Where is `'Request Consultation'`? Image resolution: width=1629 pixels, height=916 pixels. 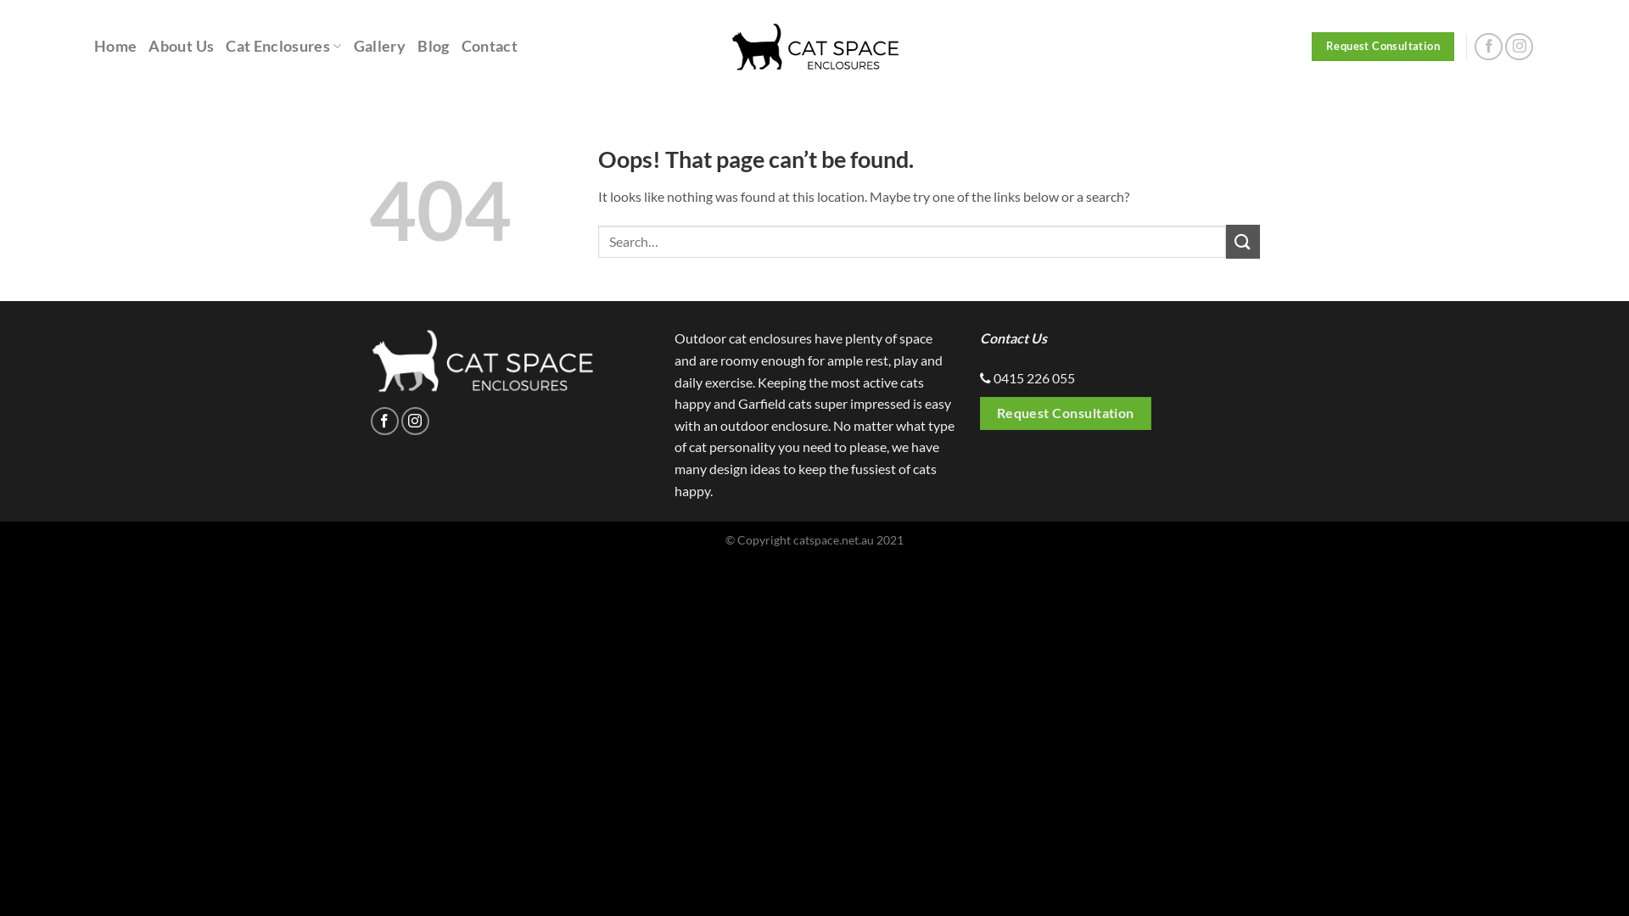
'Request Consultation' is located at coordinates (1065, 413).